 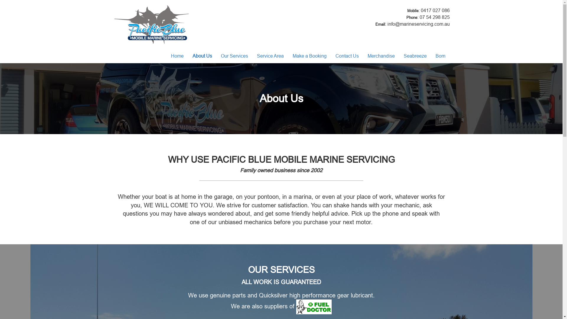 I want to click on 'Bom', so click(x=440, y=56).